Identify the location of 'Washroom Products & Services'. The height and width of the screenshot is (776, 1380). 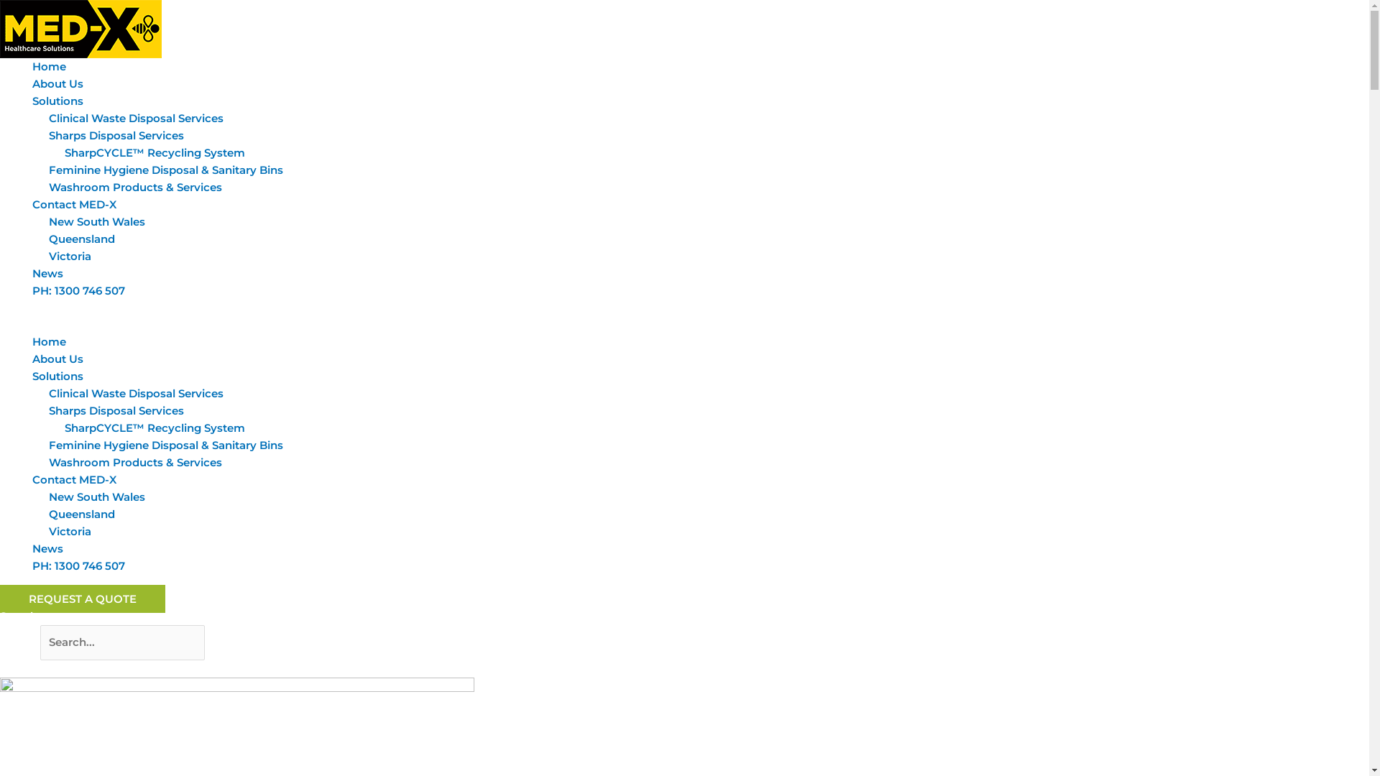
(135, 186).